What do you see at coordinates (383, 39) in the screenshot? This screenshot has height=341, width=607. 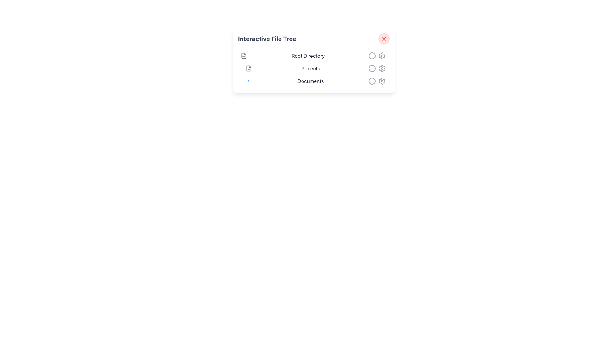 I see `the close icon located inside the red circular button in the upper-right area of the 'Interactive File Tree' card` at bounding box center [383, 39].